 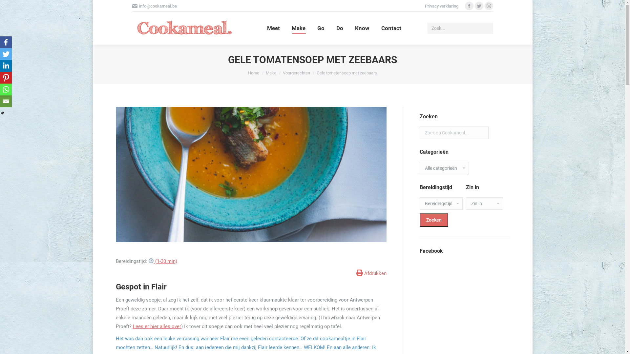 I want to click on 'Email', so click(x=0, y=101).